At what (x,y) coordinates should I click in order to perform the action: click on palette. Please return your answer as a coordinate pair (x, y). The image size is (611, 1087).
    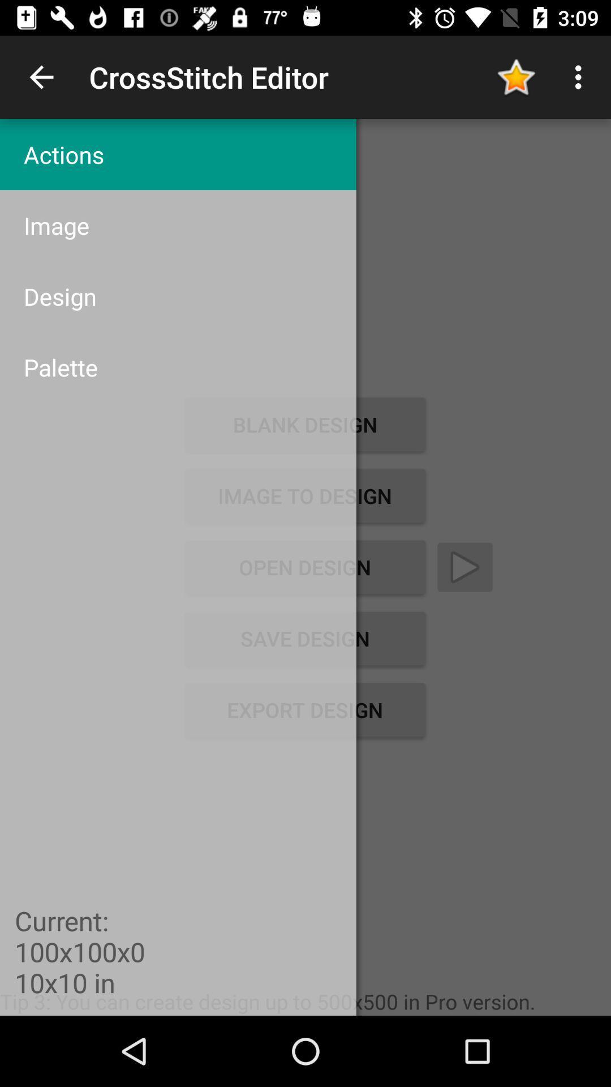
    Looking at the image, I should click on (178, 367).